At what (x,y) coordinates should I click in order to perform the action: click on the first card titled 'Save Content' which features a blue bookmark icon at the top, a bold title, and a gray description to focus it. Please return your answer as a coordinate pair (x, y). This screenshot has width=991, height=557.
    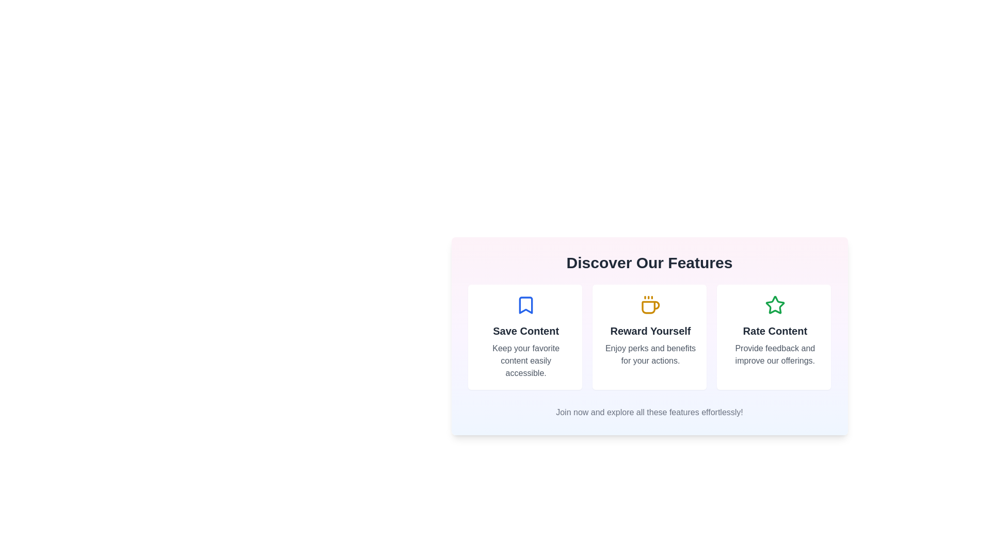
    Looking at the image, I should click on (526, 337).